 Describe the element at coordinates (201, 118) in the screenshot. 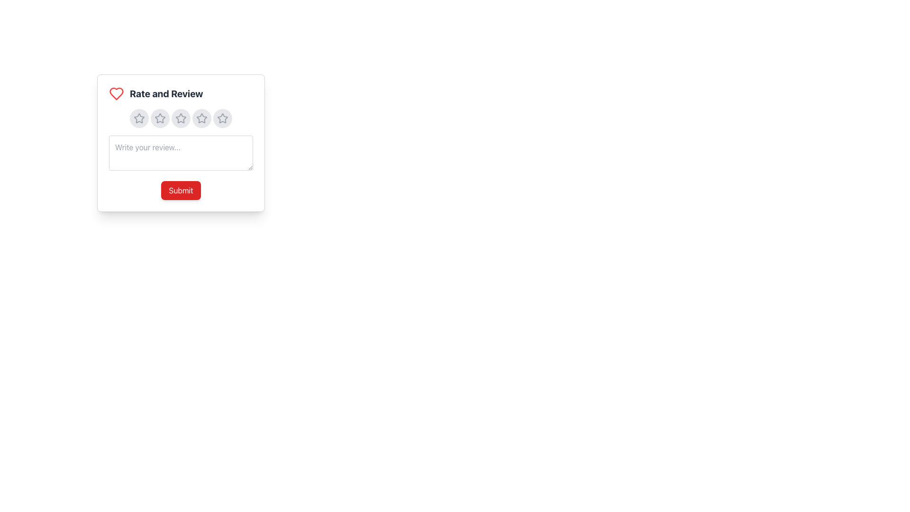

I see `the fourth star icon in the rating system` at that location.